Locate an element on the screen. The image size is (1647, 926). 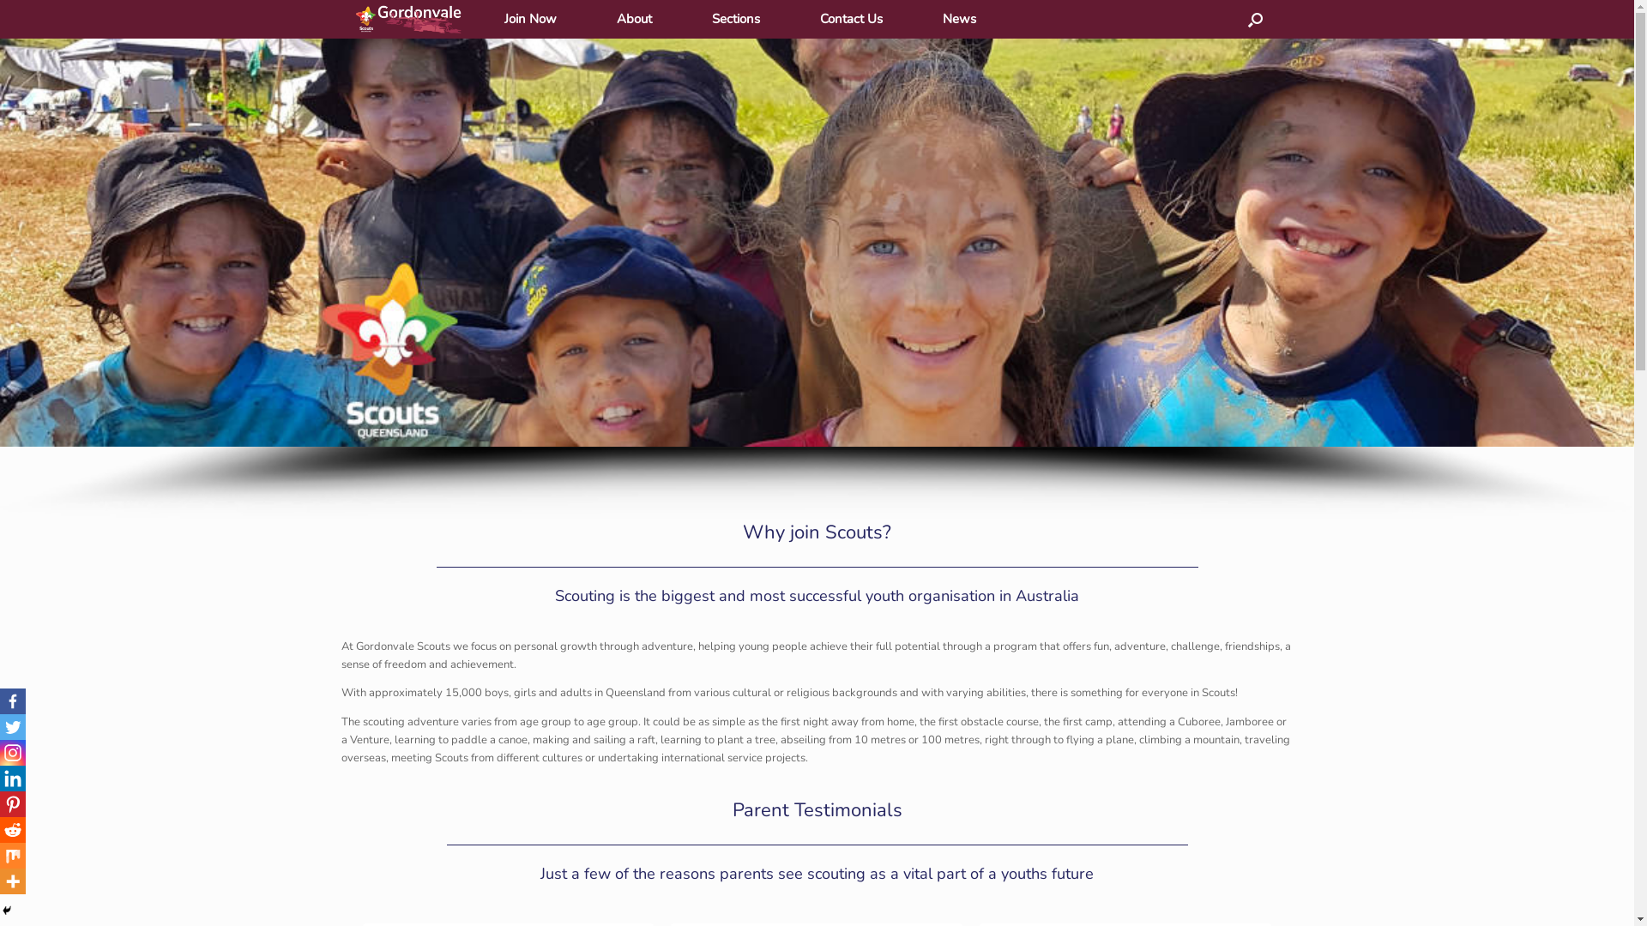
'Hide' is located at coordinates (7, 909).